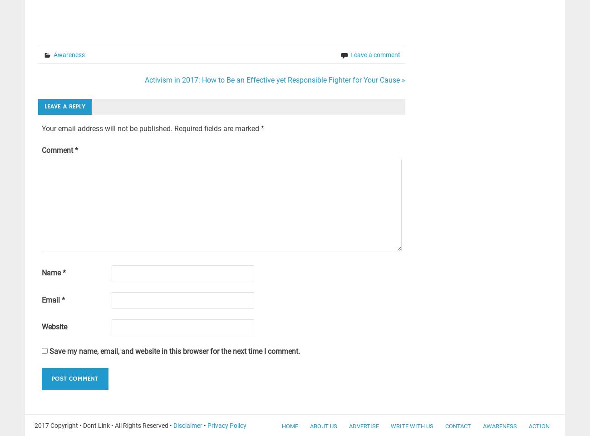 This screenshot has height=436, width=590. I want to click on 'Website', so click(53, 327).